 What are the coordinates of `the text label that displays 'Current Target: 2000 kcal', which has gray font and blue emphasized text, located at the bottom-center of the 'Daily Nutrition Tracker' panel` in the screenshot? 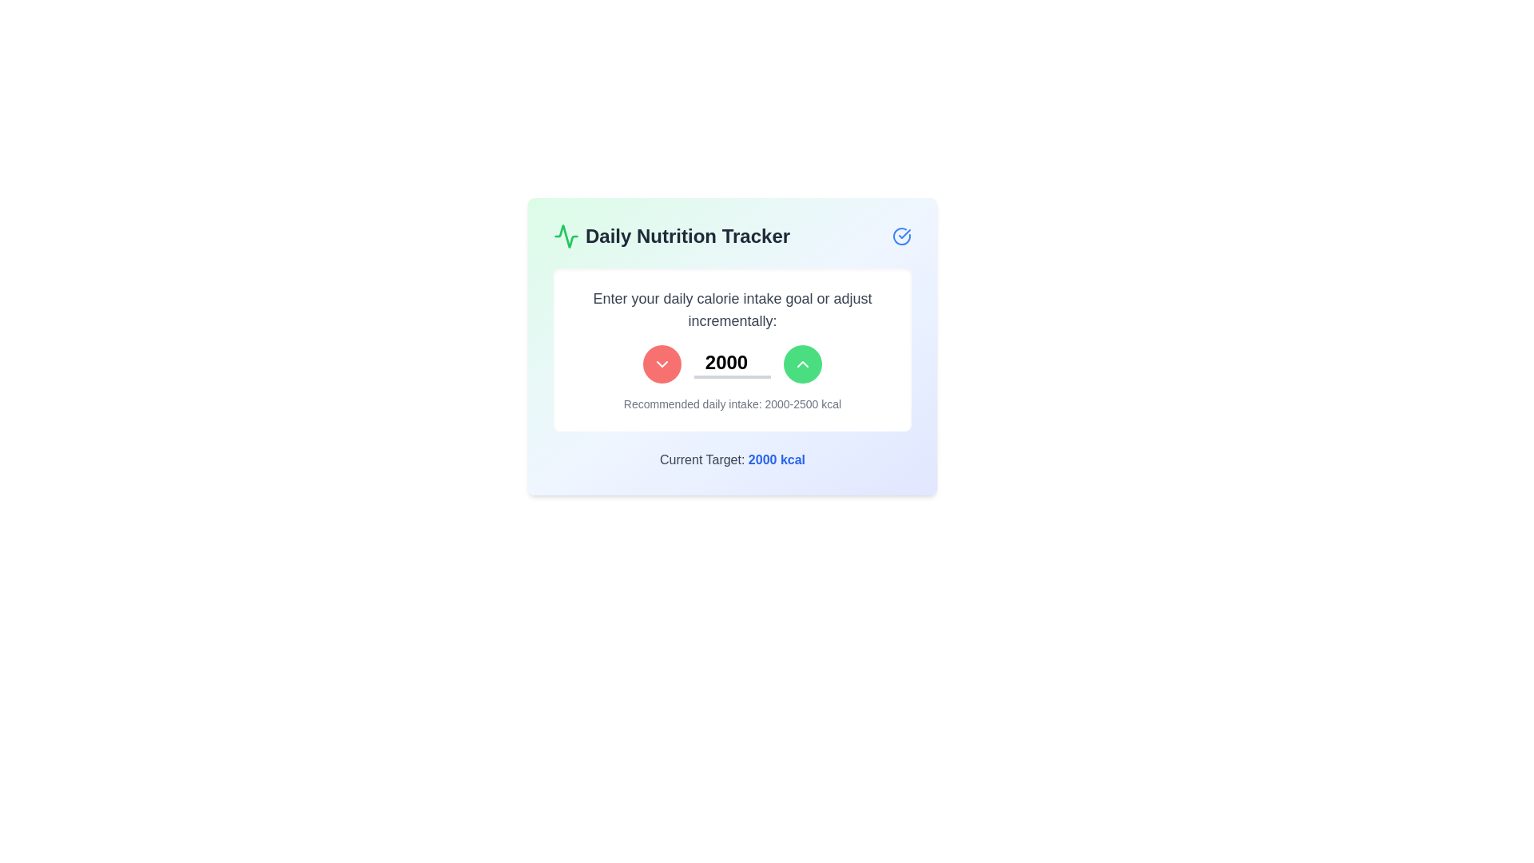 It's located at (731, 459).